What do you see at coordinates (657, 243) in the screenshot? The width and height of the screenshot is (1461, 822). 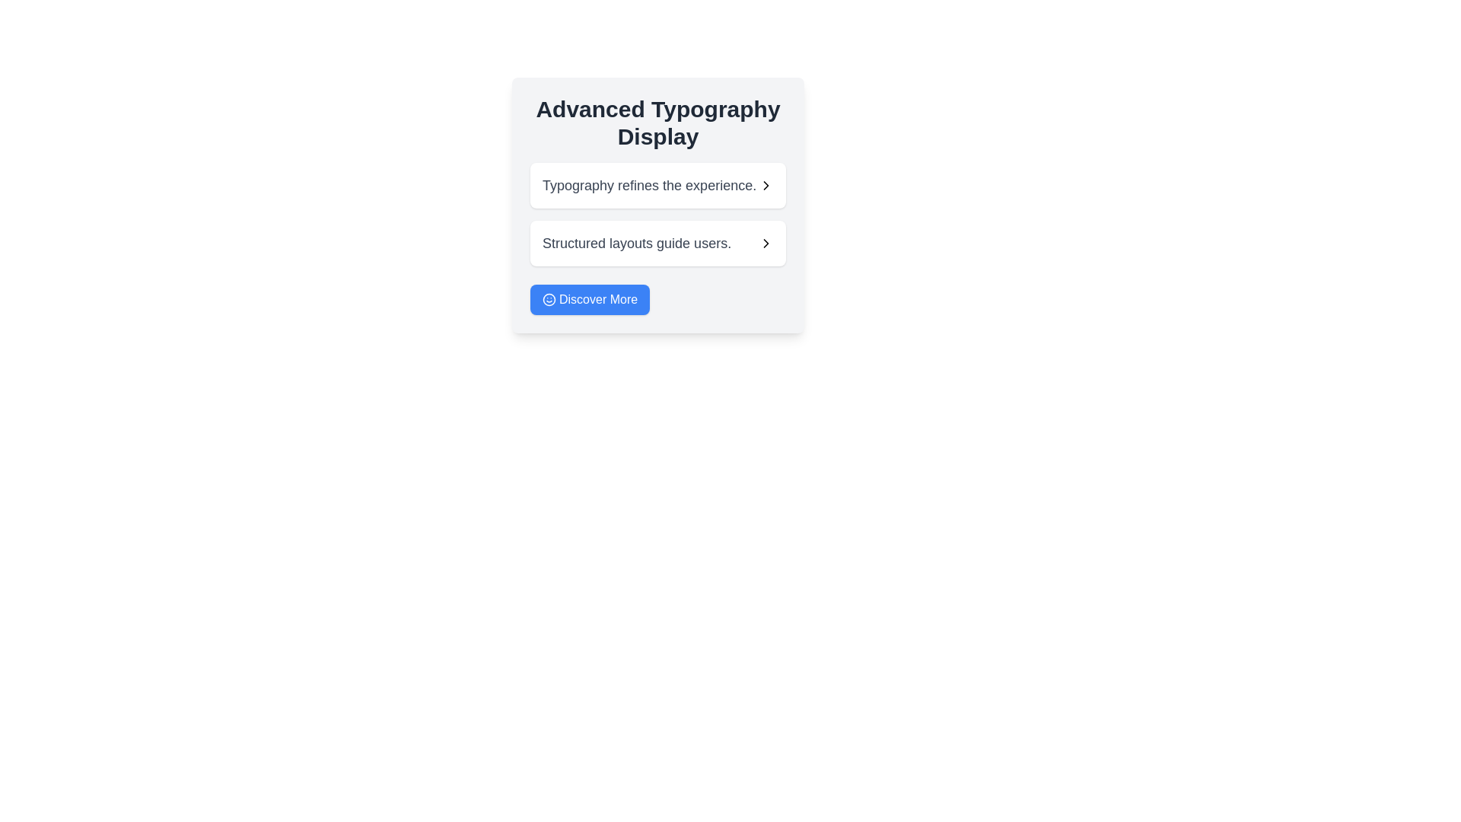 I see `the second clickable row containing the text 'Structured layouts guide users.'` at bounding box center [657, 243].